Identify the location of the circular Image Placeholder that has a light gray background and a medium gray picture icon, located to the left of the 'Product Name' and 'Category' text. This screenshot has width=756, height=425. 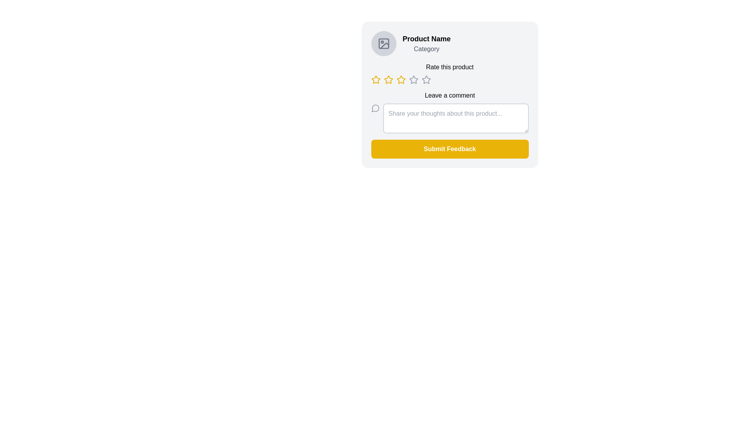
(384, 44).